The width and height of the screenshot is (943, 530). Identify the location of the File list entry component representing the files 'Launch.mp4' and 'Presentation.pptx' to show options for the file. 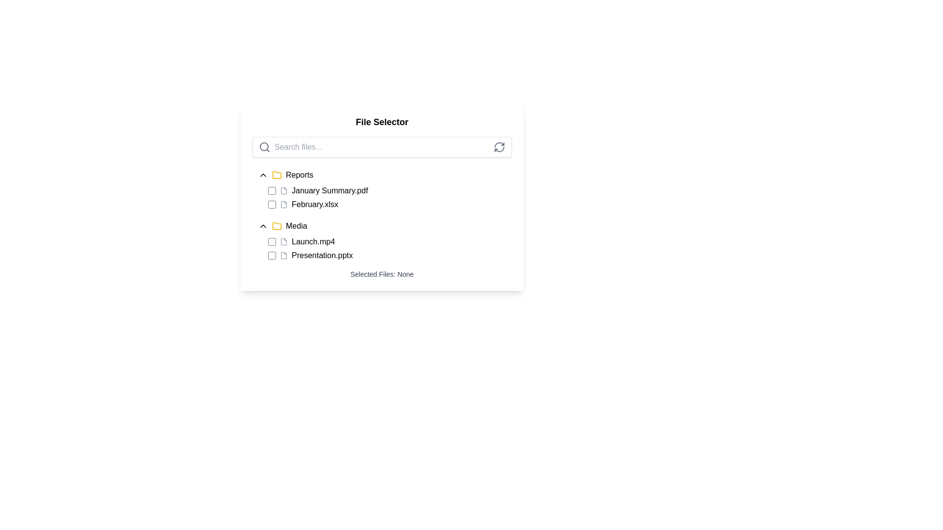
(381, 248).